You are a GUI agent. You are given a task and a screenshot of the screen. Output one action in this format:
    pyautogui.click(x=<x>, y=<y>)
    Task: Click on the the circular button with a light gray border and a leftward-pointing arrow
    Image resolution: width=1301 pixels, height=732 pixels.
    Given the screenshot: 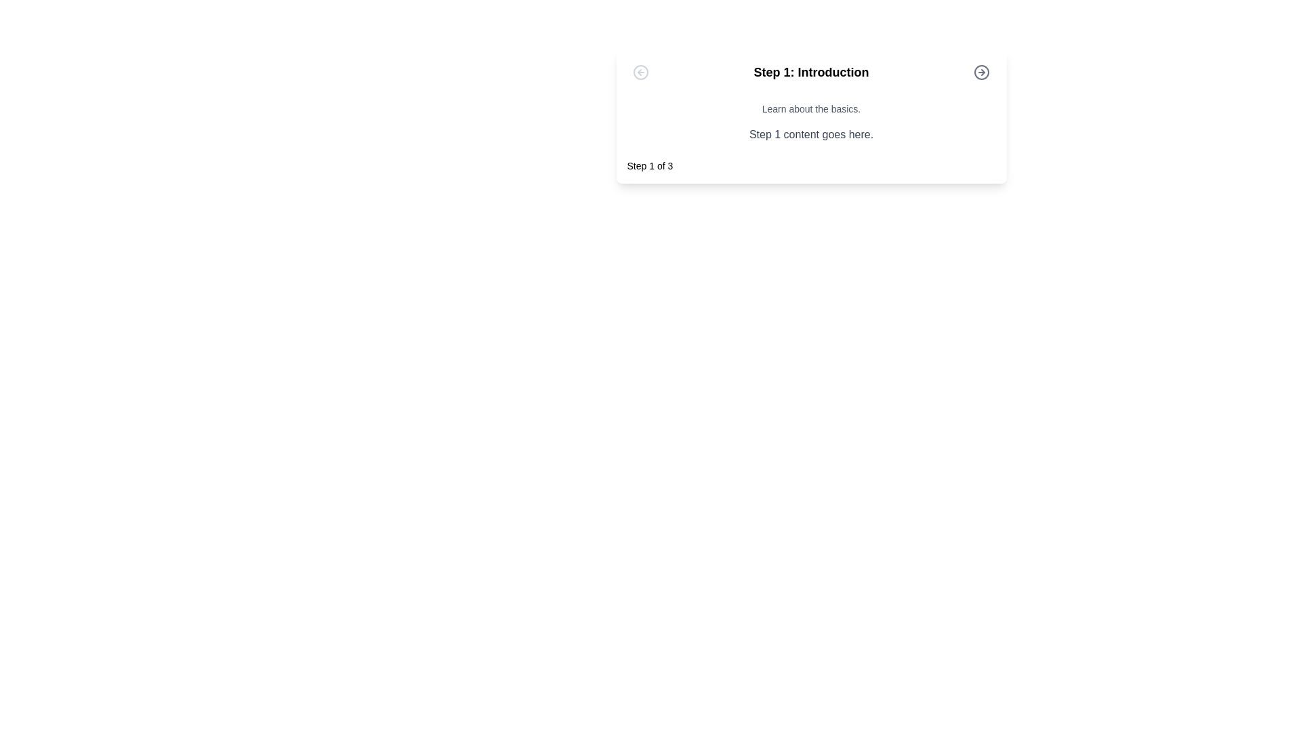 What is the action you would take?
    pyautogui.click(x=640, y=73)
    